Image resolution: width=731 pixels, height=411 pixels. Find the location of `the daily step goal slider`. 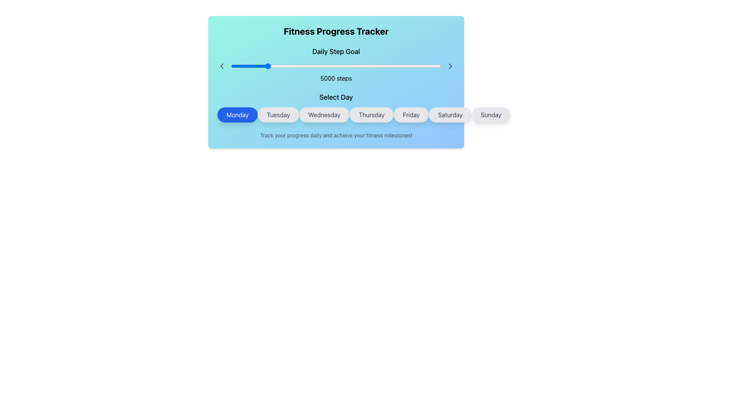

the daily step goal slider is located at coordinates (353, 65).